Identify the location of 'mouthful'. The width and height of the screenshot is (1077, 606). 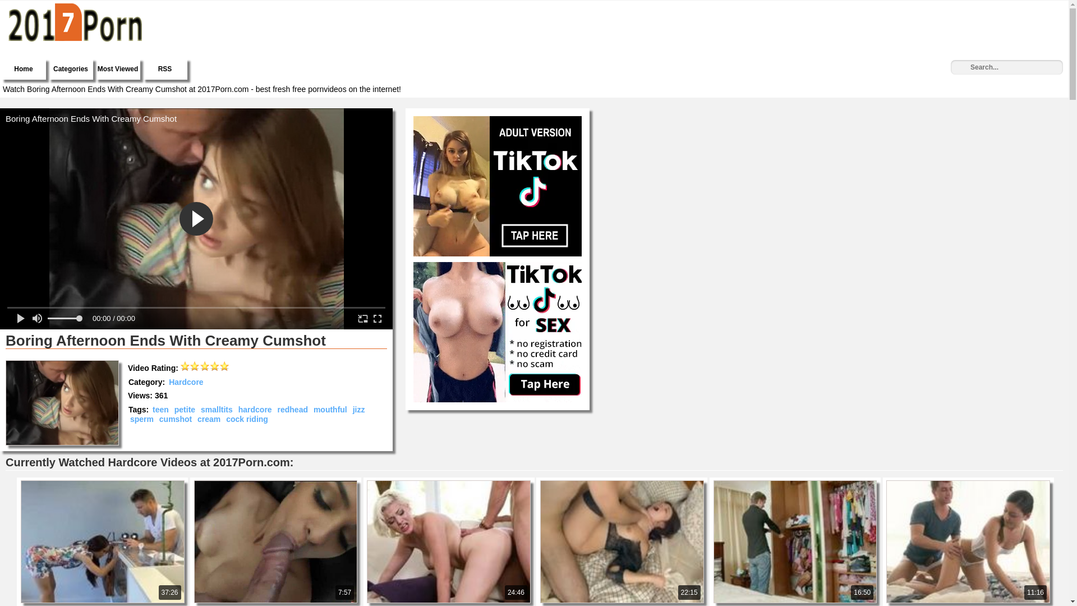
(330, 409).